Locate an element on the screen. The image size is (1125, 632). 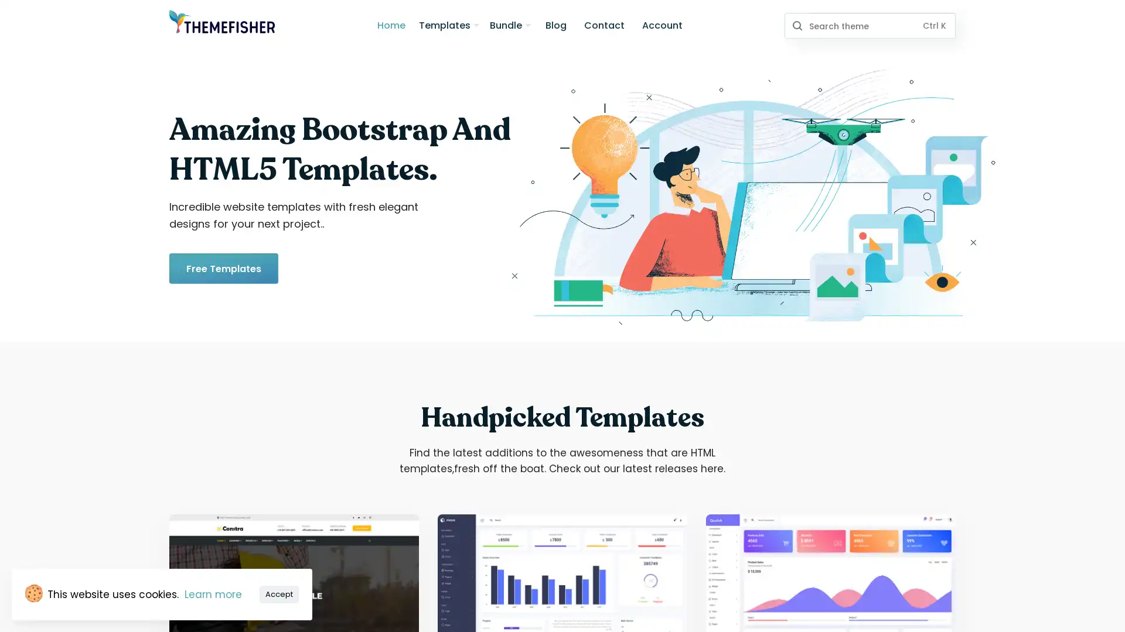
Search is located at coordinates (796, 25).